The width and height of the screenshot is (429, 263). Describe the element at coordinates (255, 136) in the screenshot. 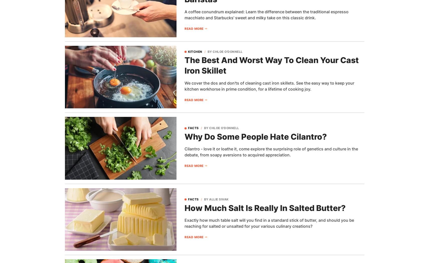

I see `'Why Do Some People Hate Cilantro?'` at that location.